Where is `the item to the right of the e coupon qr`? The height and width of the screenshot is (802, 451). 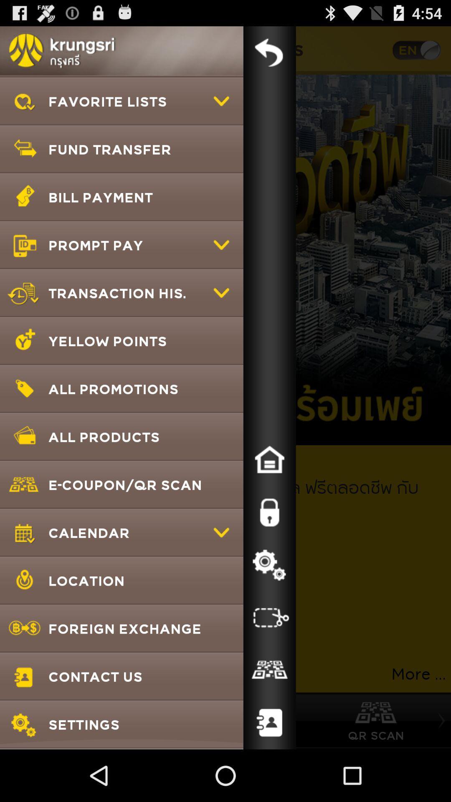
the item to the right of the e coupon qr is located at coordinates (269, 512).